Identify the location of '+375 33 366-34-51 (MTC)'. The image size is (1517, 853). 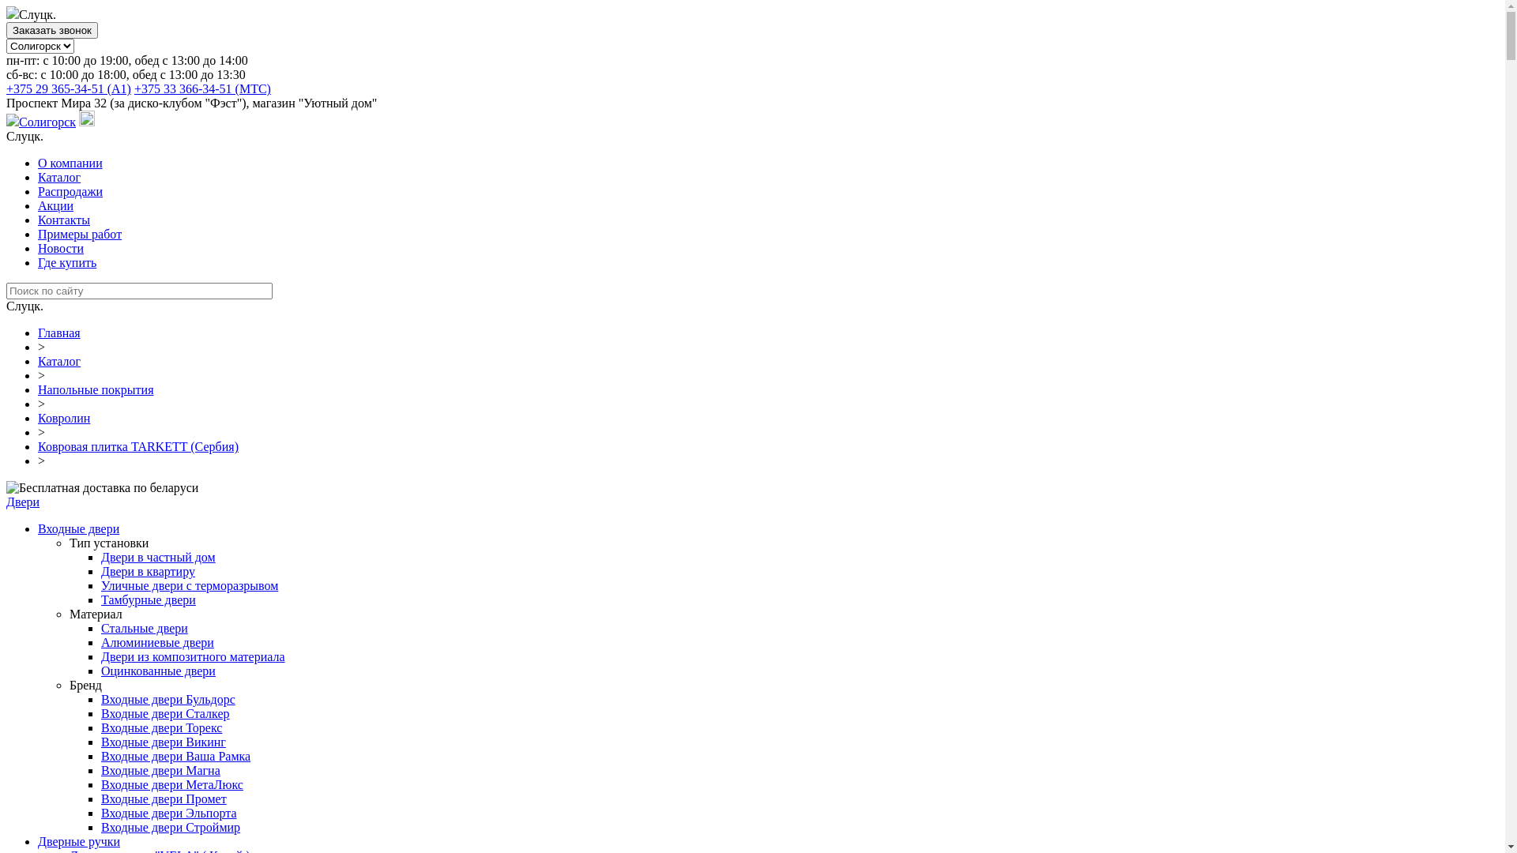
(201, 88).